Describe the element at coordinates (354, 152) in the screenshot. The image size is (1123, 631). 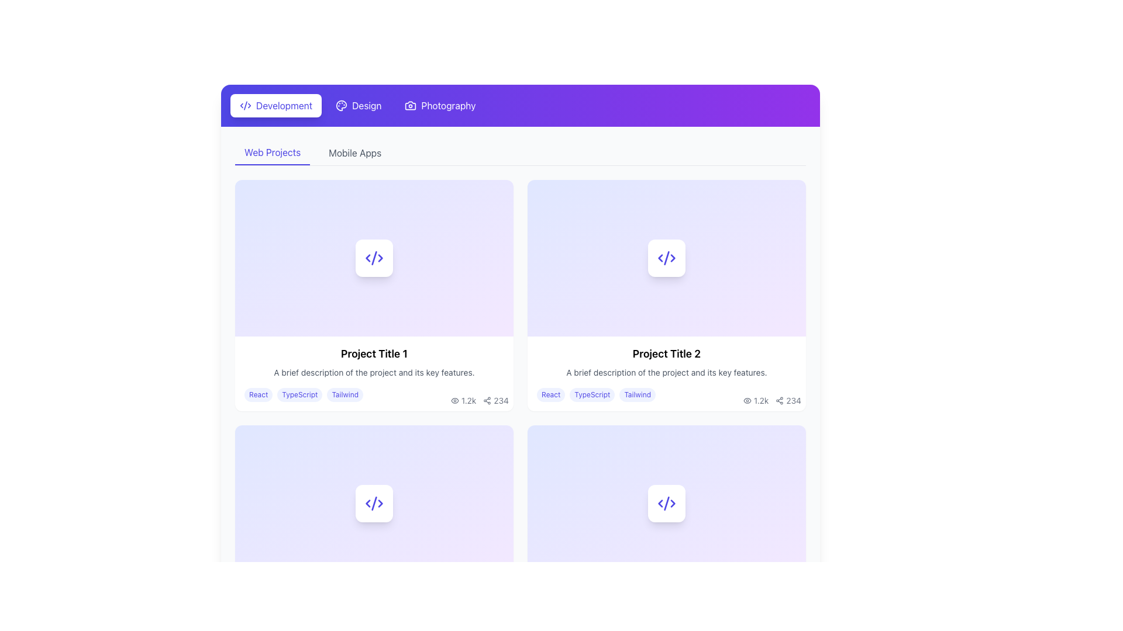
I see `the navigation link for mobile applications, which is the second item in the horizontal navigation bar positioned to the right of the 'Web Projects' label` at that location.